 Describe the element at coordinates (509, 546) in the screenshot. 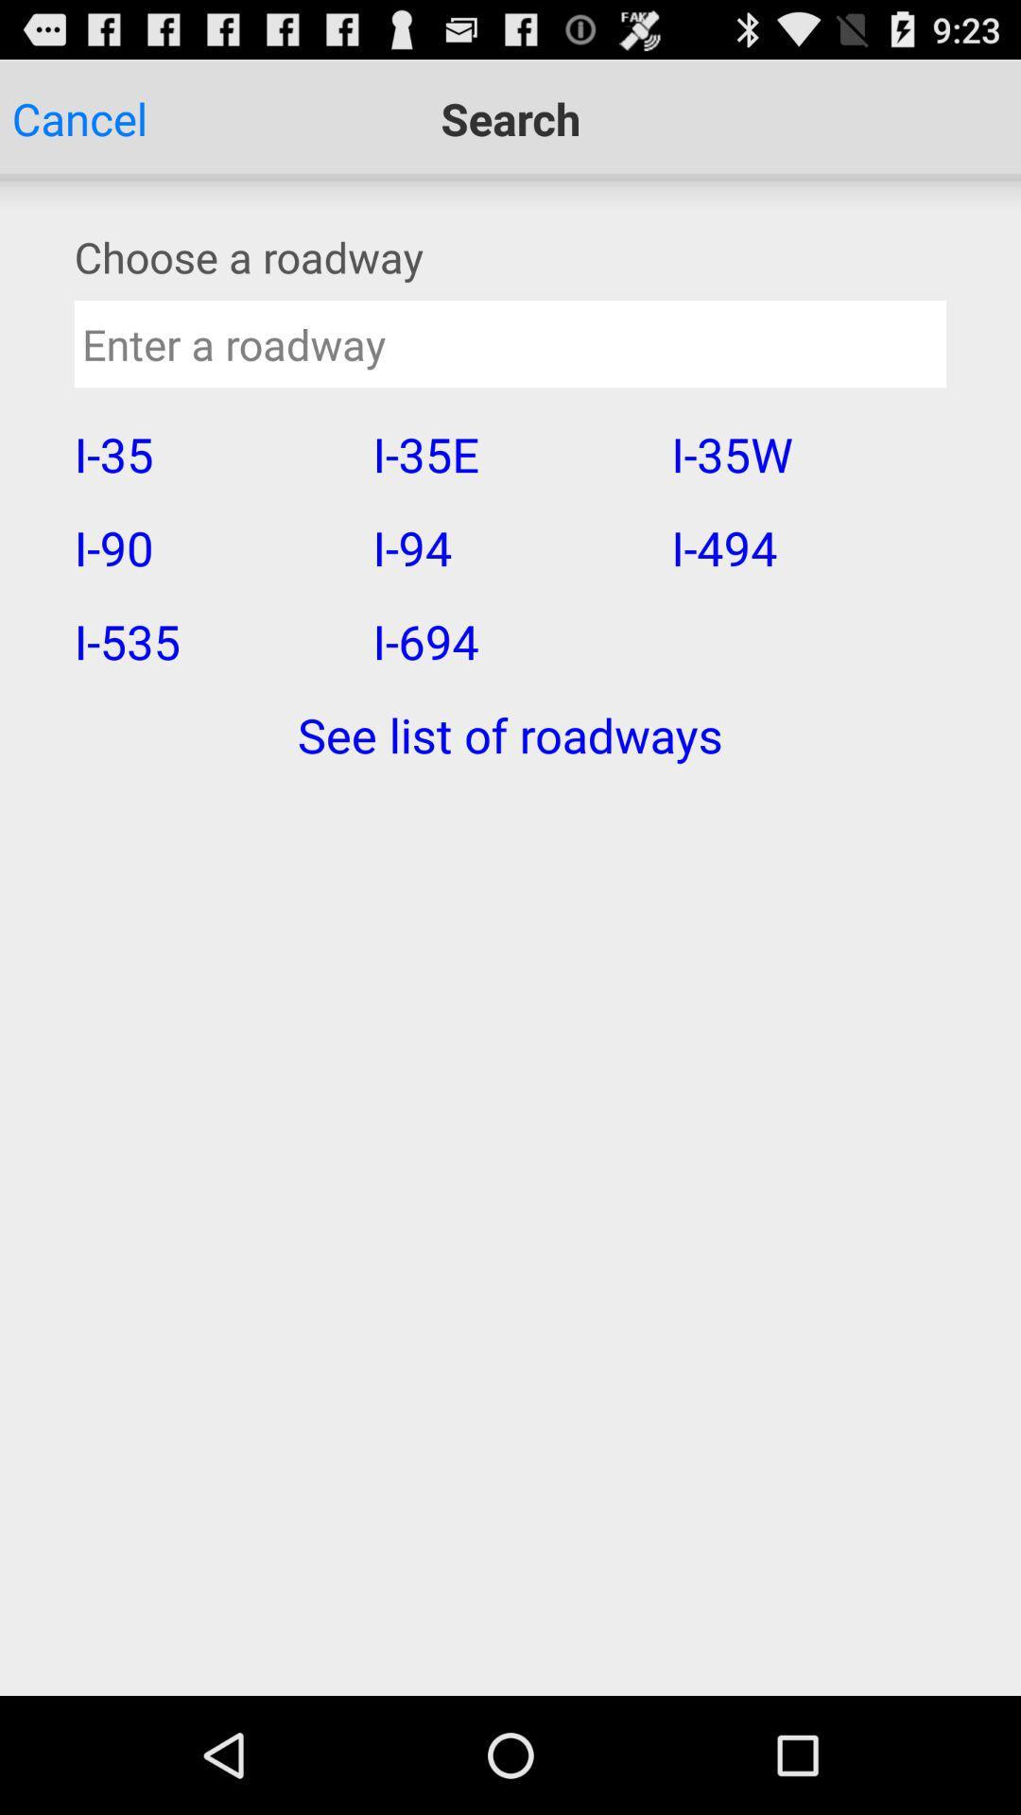

I see `app next to the i-35w item` at that location.